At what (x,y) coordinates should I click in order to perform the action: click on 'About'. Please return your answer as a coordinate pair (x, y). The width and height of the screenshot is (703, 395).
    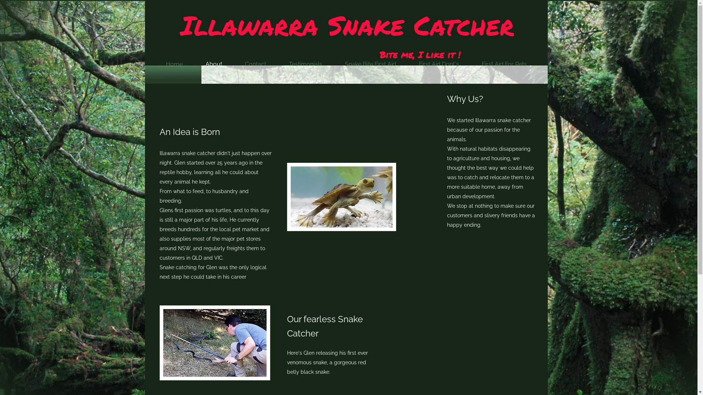
    Looking at the image, I should click on (213, 64).